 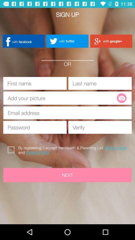 I want to click on upload a picture of your baby, so click(x=121, y=98).